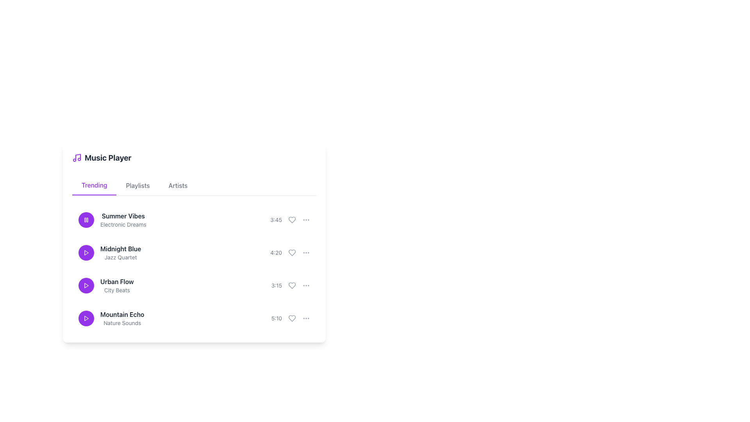 This screenshot has height=422, width=750. What do you see at coordinates (305, 253) in the screenshot?
I see `the Ellipsis menu icon (three-dot menu) located at the end of the row for the song 'Midnight Blue'` at bounding box center [305, 253].